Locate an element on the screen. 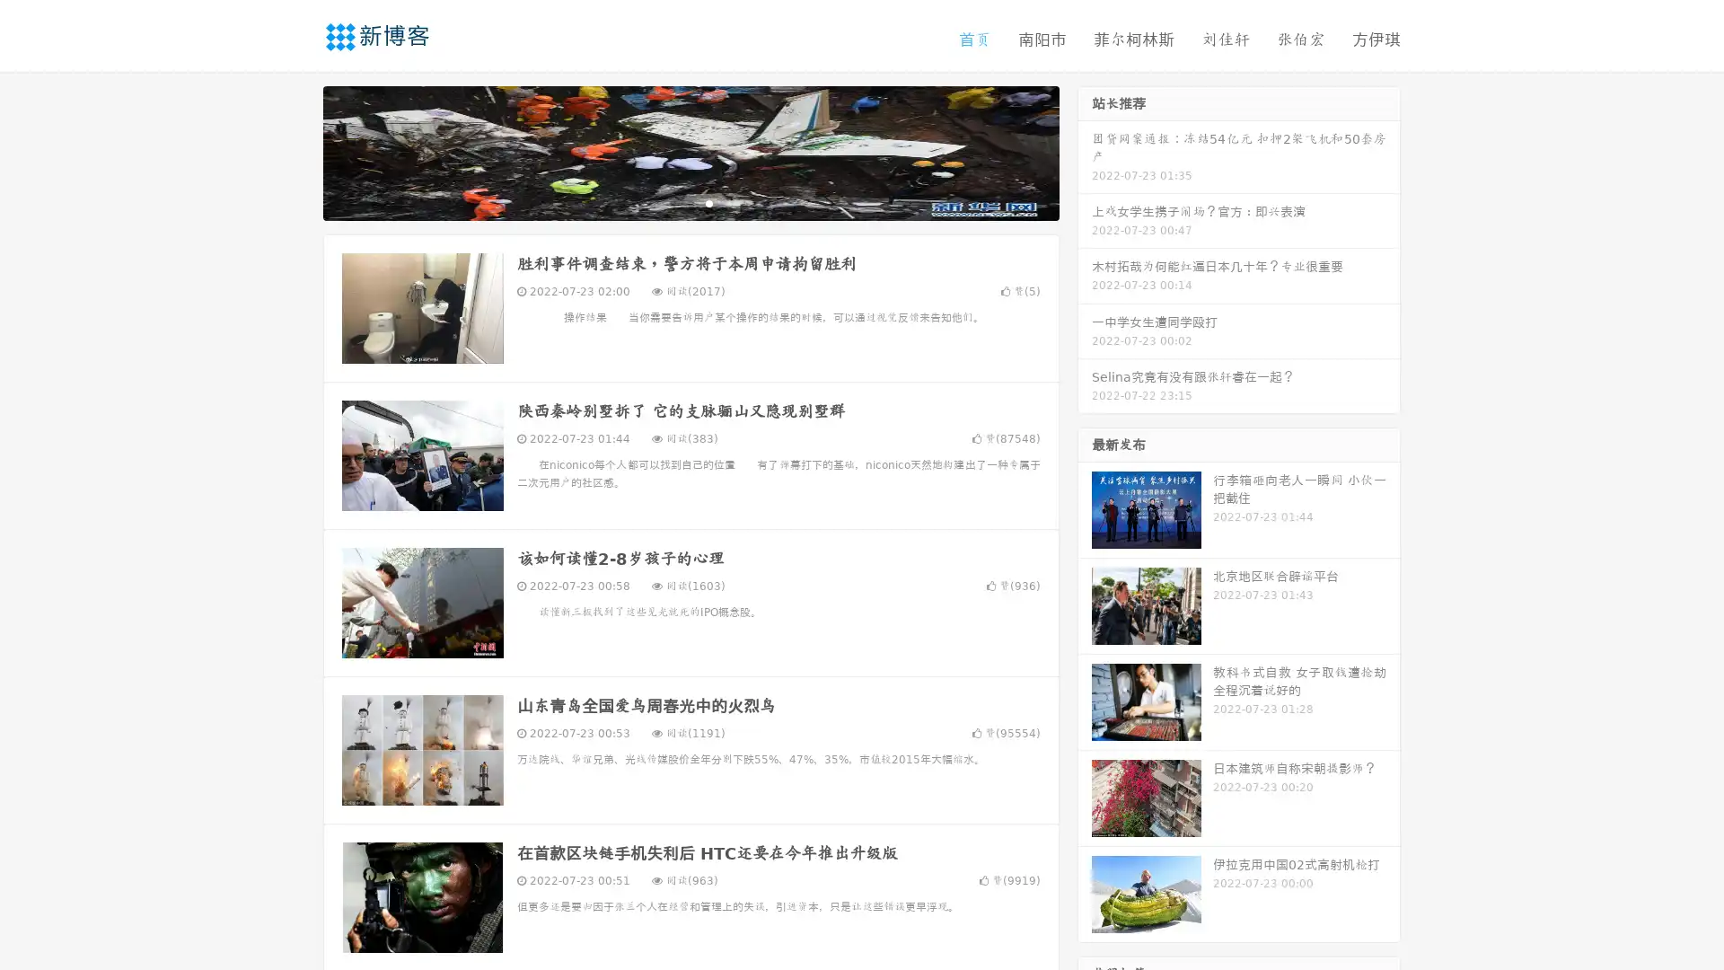  Go to slide 2 is located at coordinates (690, 202).